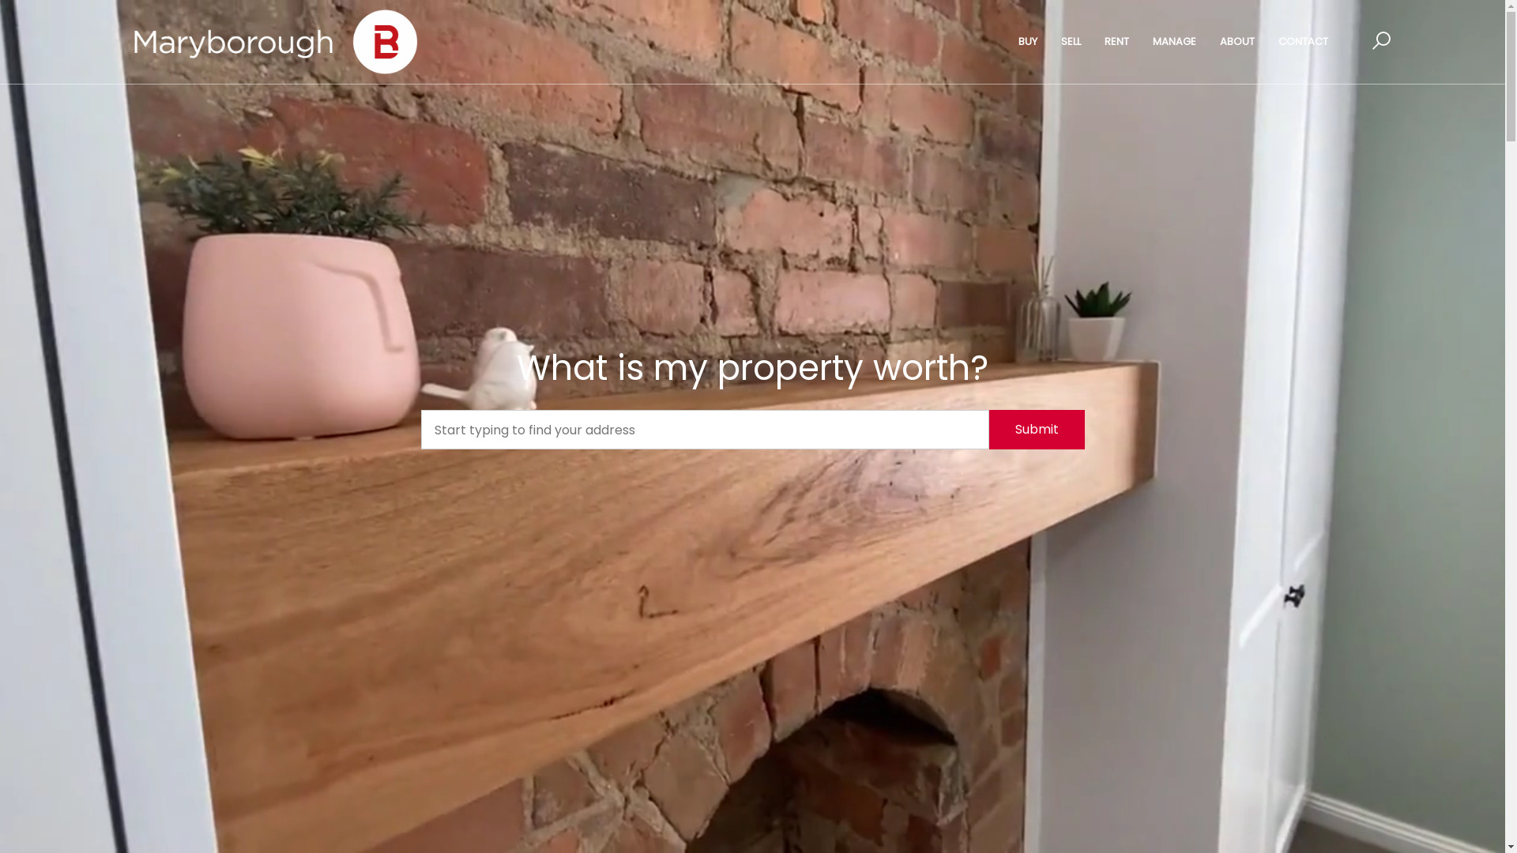 This screenshot has width=1517, height=853. Describe the element at coordinates (1142, 41) in the screenshot. I see `'MANAGE'` at that location.